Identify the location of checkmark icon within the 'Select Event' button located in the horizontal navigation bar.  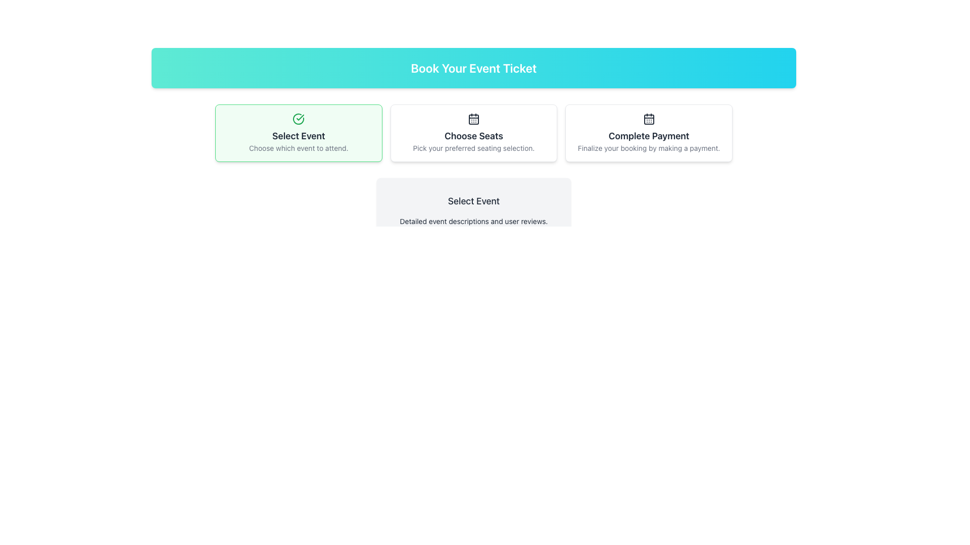
(300, 117).